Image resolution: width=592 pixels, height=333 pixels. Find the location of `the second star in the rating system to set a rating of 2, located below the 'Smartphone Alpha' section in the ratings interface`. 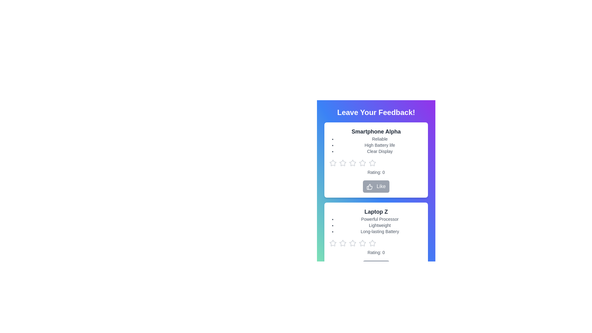

the second star in the rating system to set a rating of 2, located below the 'Smartphone Alpha' section in the ratings interface is located at coordinates (363, 162).